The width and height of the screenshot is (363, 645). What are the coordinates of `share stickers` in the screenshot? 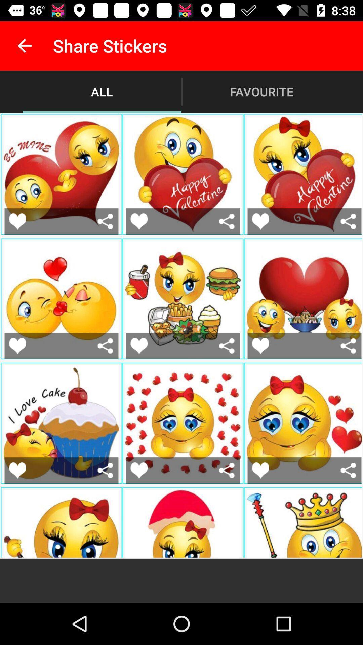 It's located at (105, 346).